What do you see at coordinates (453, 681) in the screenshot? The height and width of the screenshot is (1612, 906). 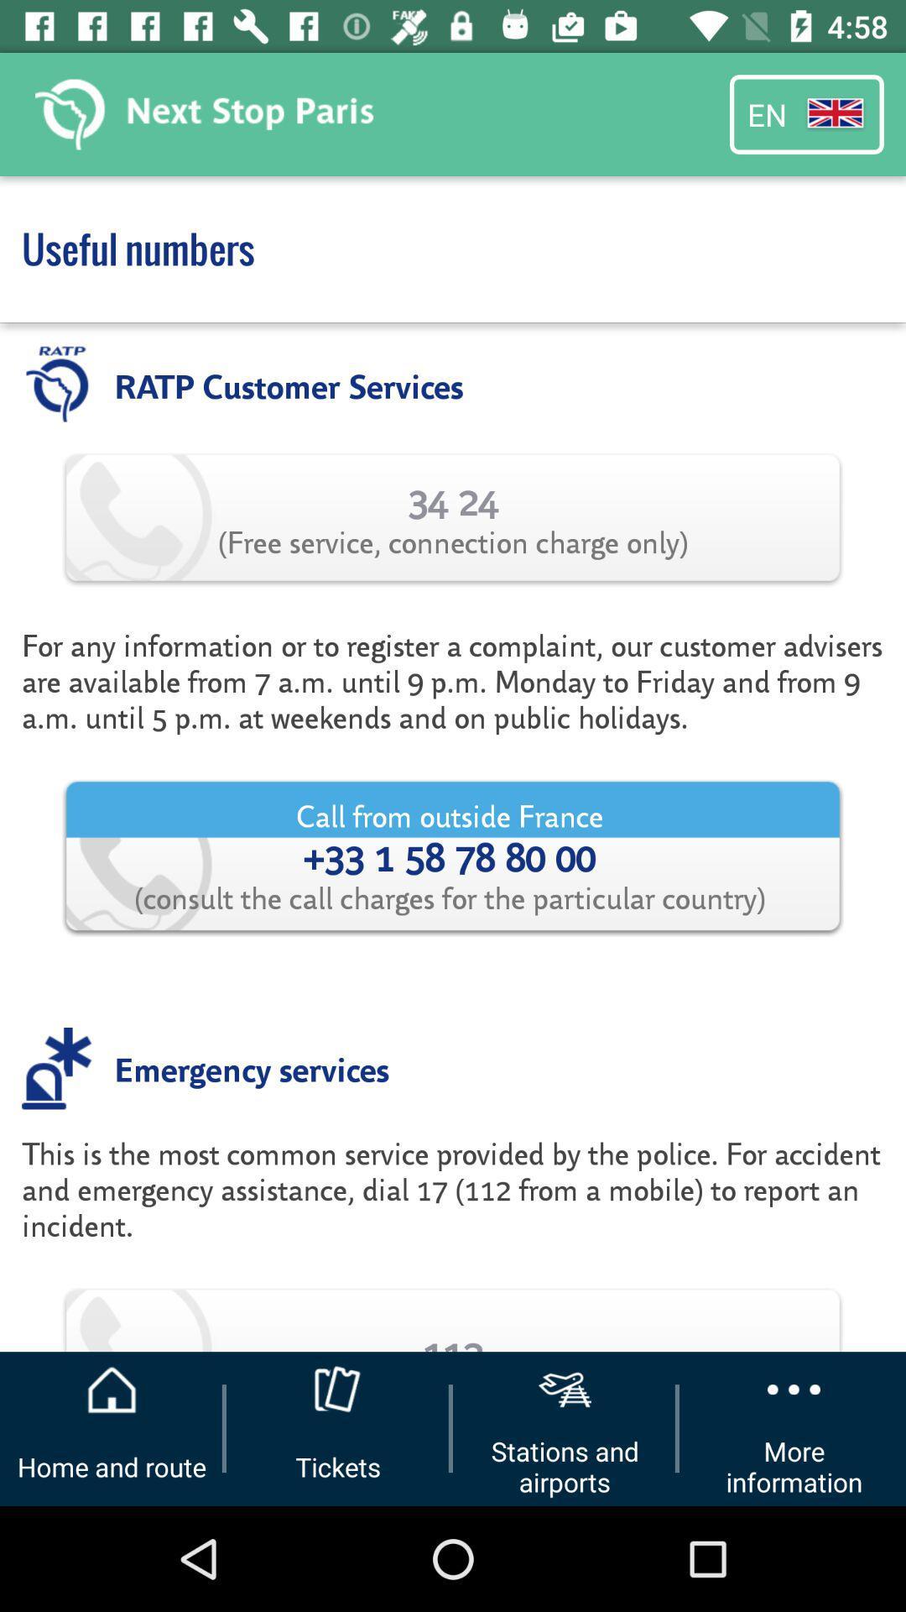 I see `app above call from outside icon` at bounding box center [453, 681].